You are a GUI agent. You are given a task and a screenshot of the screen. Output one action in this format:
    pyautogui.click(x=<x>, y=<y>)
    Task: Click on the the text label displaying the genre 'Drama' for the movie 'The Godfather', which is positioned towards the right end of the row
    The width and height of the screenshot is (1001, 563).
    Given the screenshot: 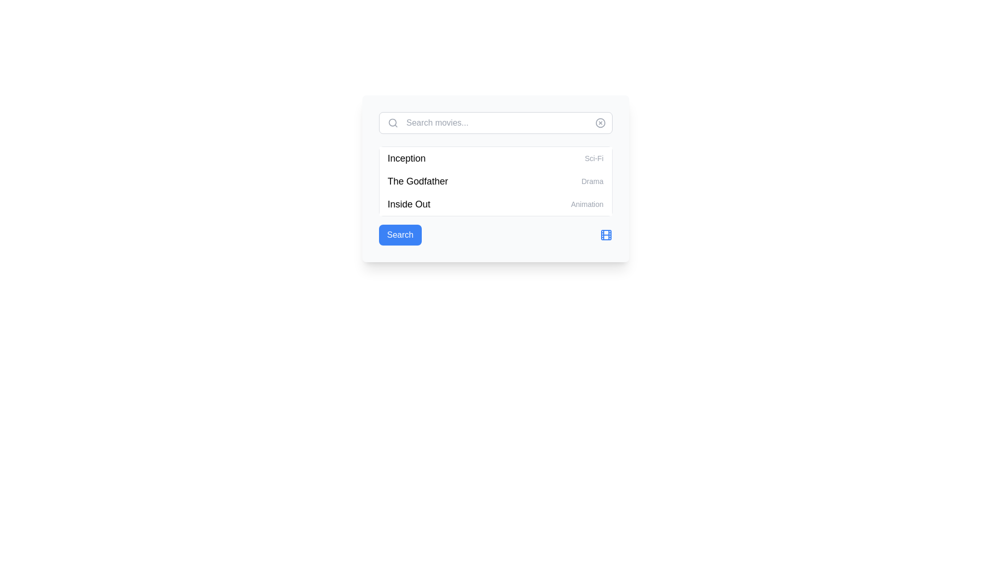 What is the action you would take?
    pyautogui.click(x=592, y=180)
    